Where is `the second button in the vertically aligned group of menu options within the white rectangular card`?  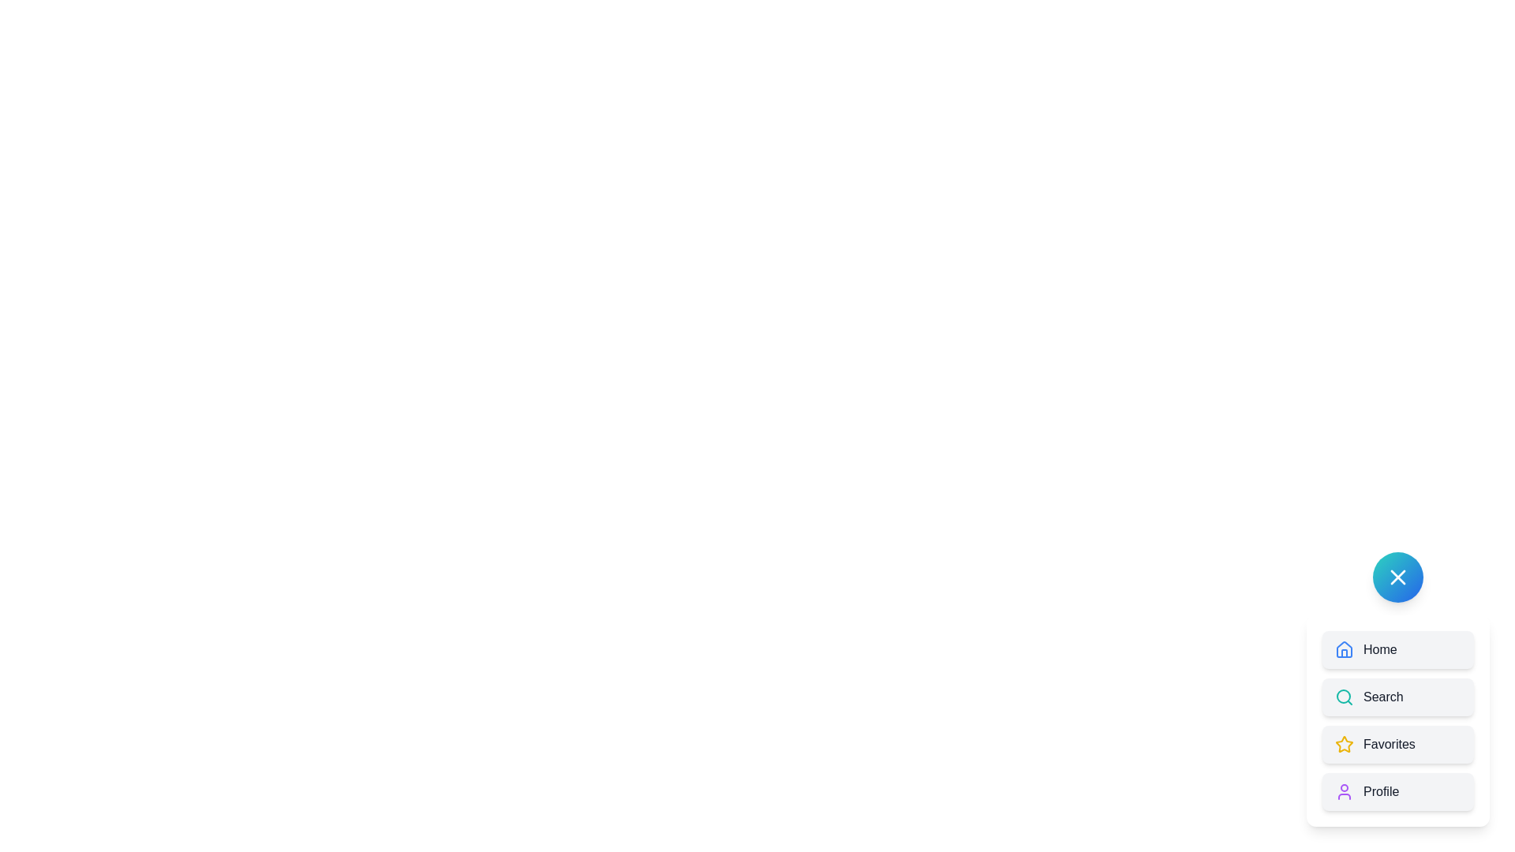
the second button in the vertically aligned group of menu options within the white rectangular card is located at coordinates (1397, 696).